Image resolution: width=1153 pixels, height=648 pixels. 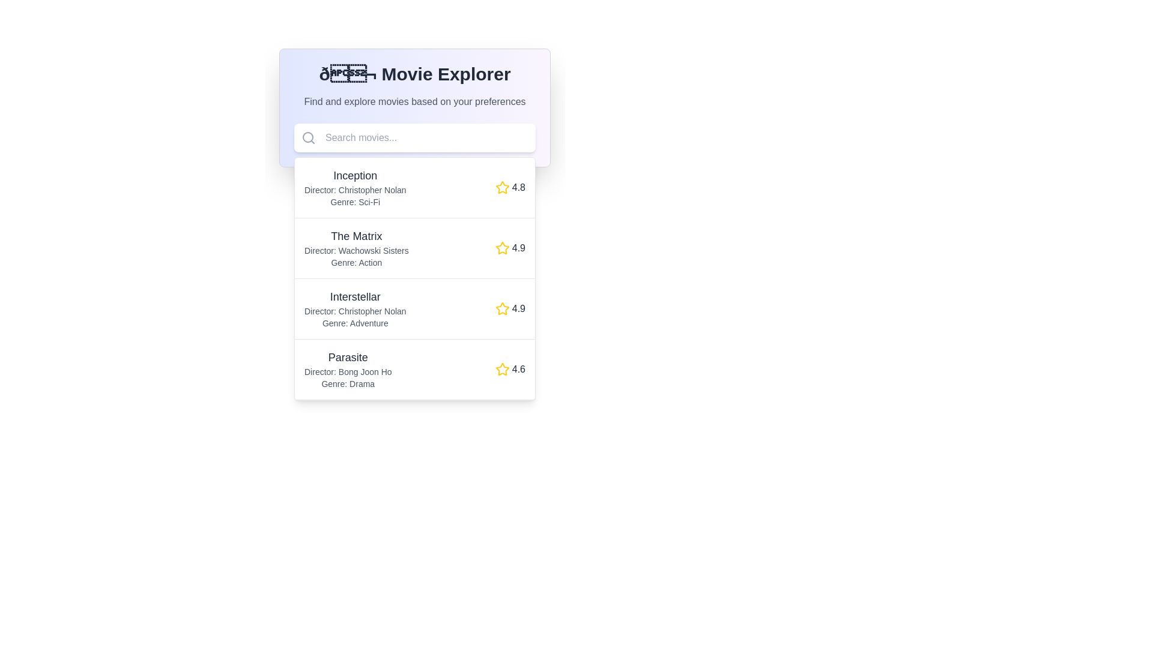 I want to click on the text display element that shows the title 'Inception', which is bold and dark gray, located above the director and genre information in the Movie Explorer list, so click(x=354, y=176).